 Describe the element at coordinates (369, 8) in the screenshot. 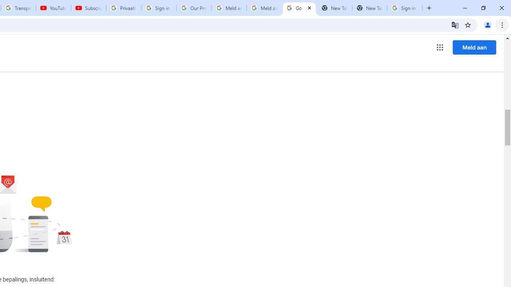

I see `'New Tab'` at that location.